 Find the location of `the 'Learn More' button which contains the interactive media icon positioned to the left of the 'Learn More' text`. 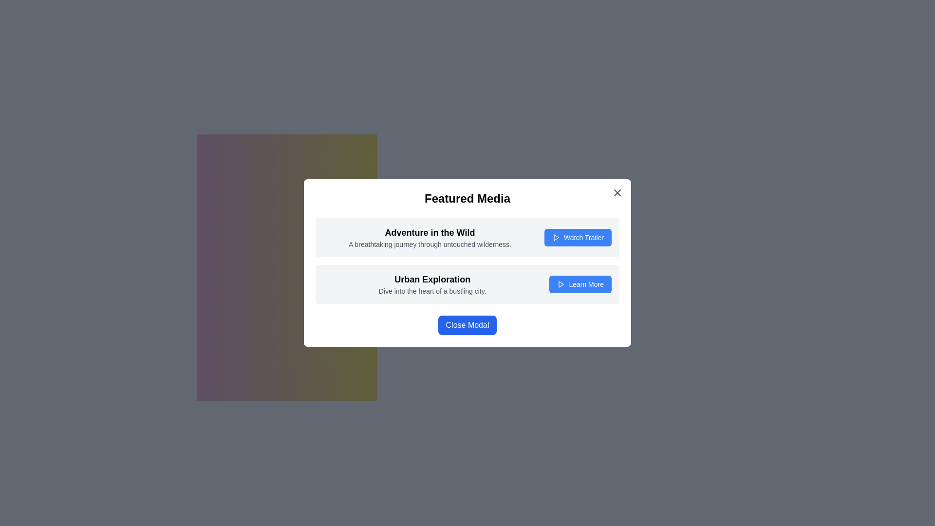

the 'Learn More' button which contains the interactive media icon positioned to the left of the 'Learn More' text is located at coordinates (561, 284).